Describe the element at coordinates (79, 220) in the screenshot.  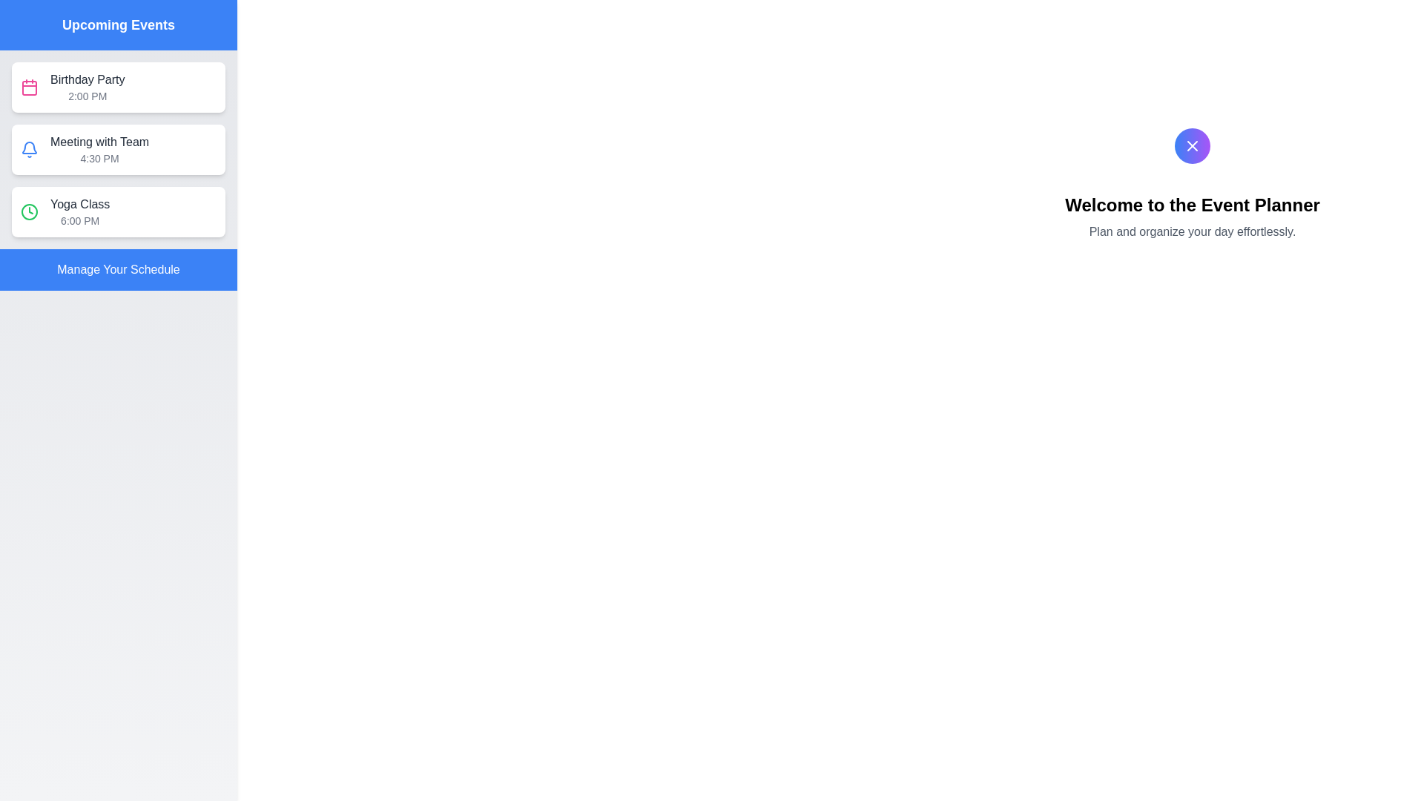
I see `the text label that provides the time associated with the 'Yoga Class' event, located beneath the bold 'Yoga Class' label in the 'Upcoming Events' section` at that location.